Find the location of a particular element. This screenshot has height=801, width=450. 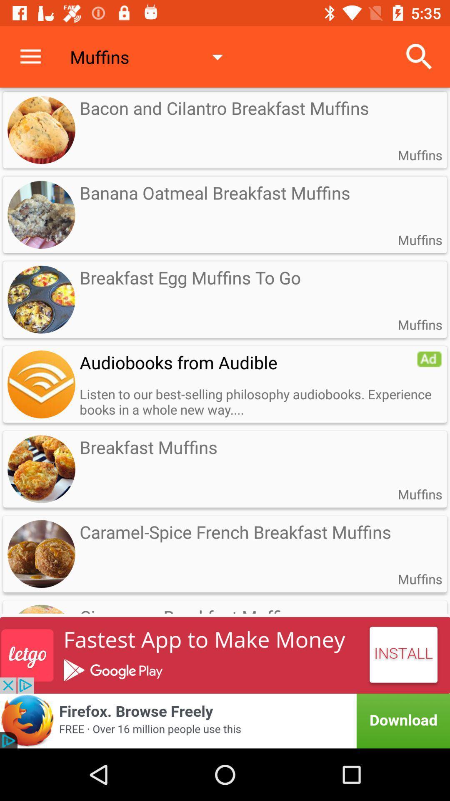

advertisement is located at coordinates (225, 720).